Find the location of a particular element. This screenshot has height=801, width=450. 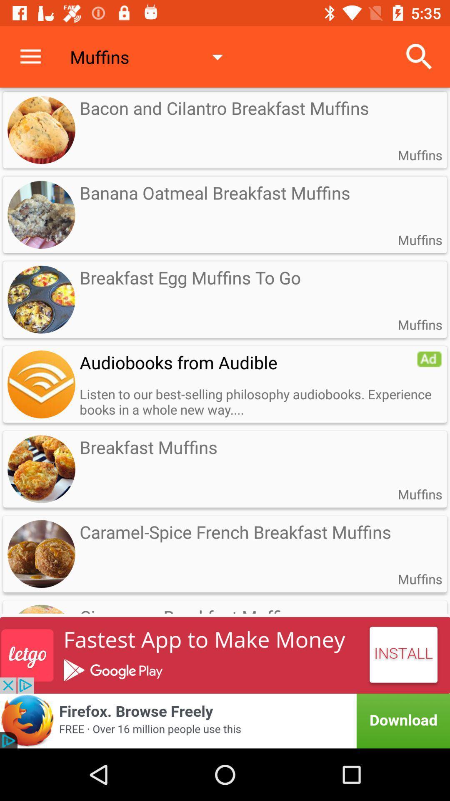

advertisement is located at coordinates (225, 720).